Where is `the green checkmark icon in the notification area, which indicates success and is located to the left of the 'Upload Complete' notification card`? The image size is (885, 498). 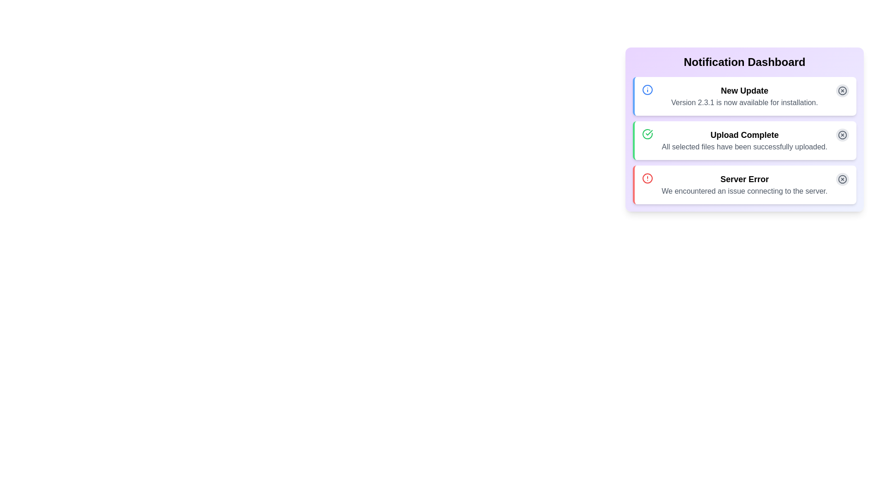
the green checkmark icon in the notification area, which indicates success and is located to the left of the 'Upload Complete' notification card is located at coordinates (647, 134).